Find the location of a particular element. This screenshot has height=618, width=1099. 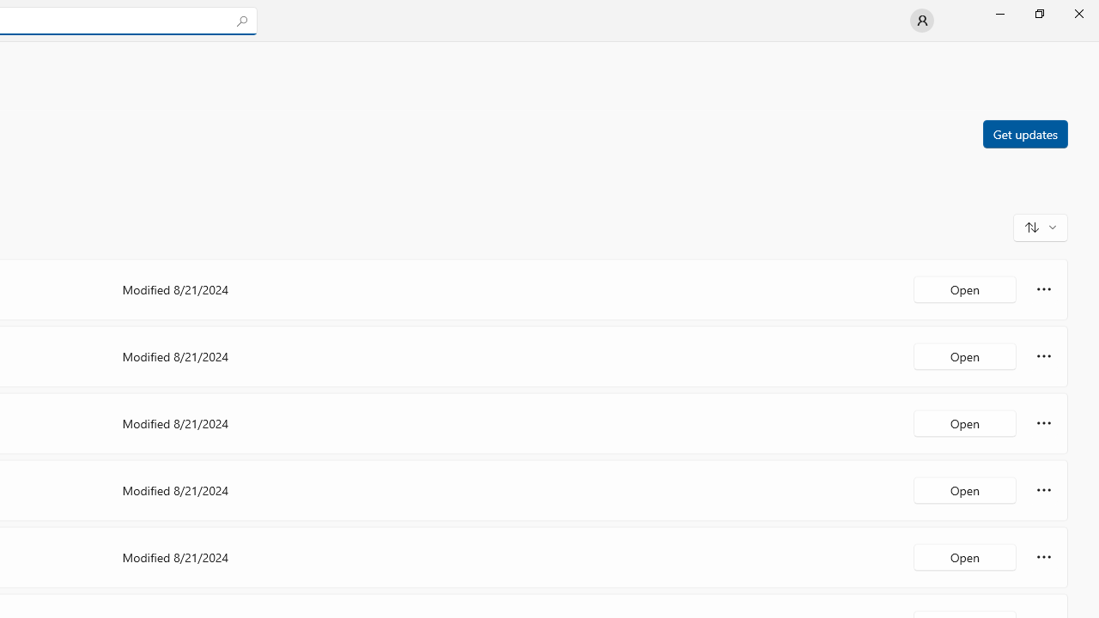

'Minimize Microsoft Store' is located at coordinates (999, 13).